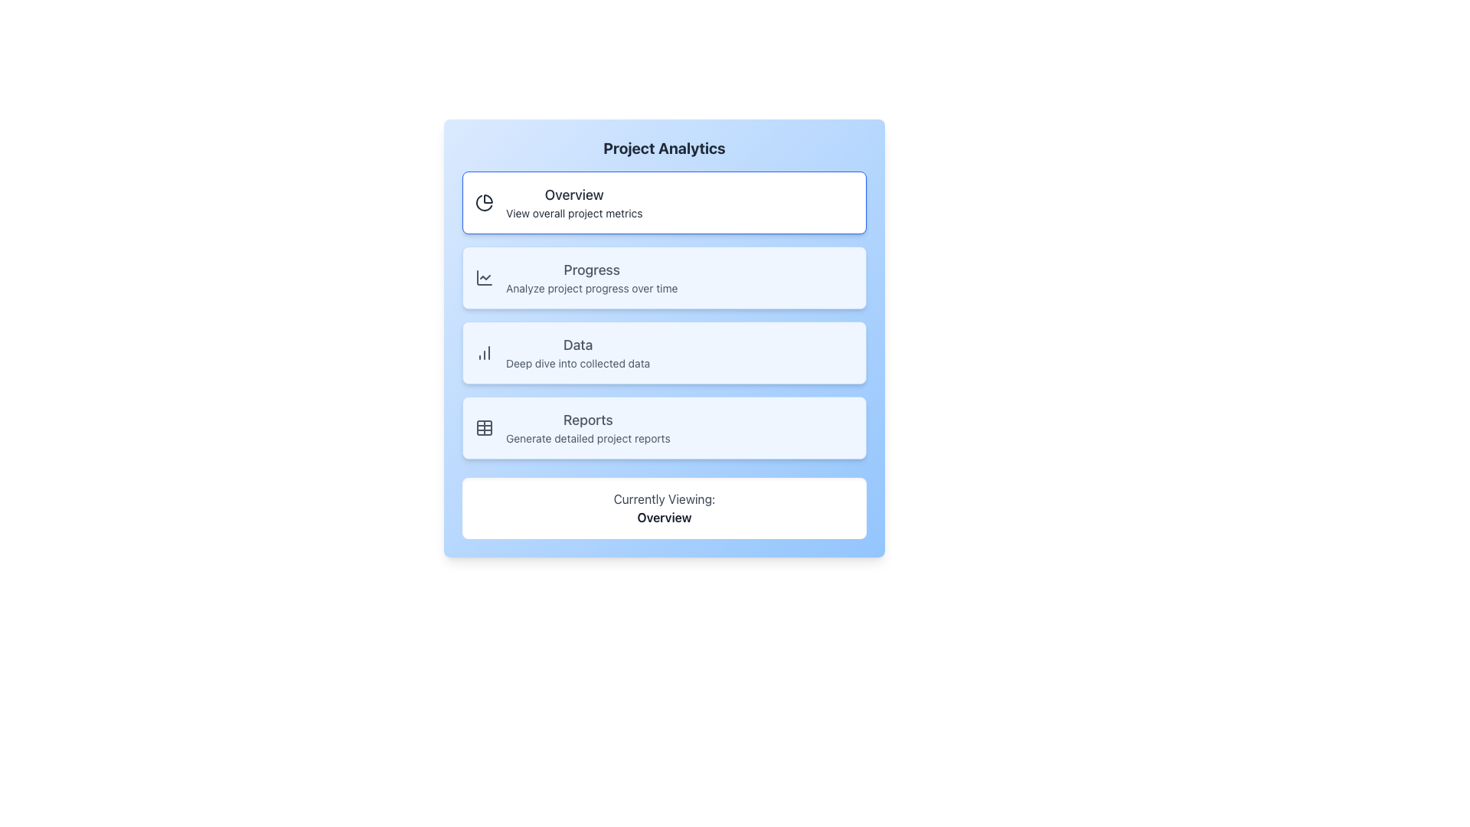 The height and width of the screenshot is (827, 1470). What do you see at coordinates (573, 202) in the screenshot?
I see `the Interactive Card titled 'Overview' using keyboard navigation` at bounding box center [573, 202].